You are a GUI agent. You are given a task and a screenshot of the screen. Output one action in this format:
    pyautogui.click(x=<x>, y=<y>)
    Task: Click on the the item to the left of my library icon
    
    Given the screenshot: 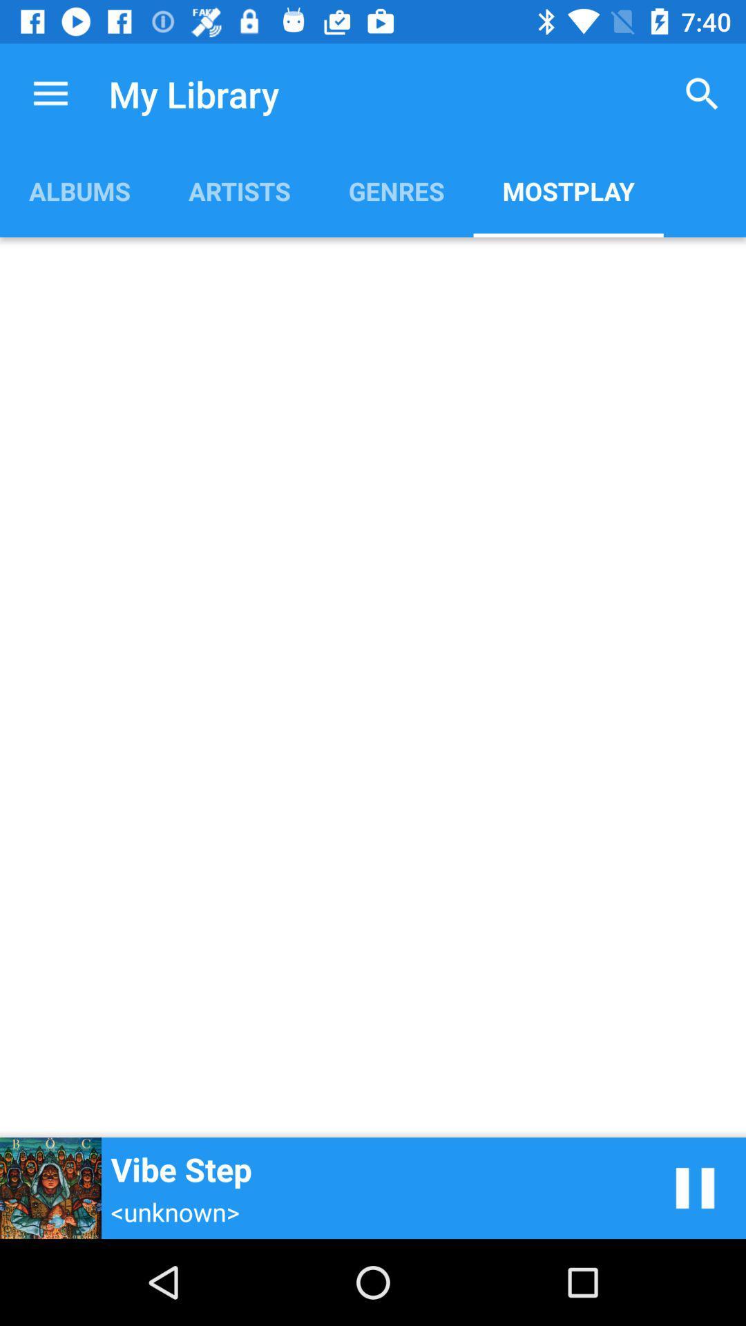 What is the action you would take?
    pyautogui.click(x=50, y=93)
    